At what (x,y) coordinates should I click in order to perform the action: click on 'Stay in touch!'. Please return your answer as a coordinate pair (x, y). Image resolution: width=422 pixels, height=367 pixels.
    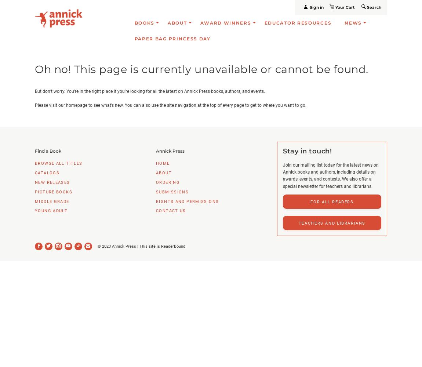
    Looking at the image, I should click on (307, 151).